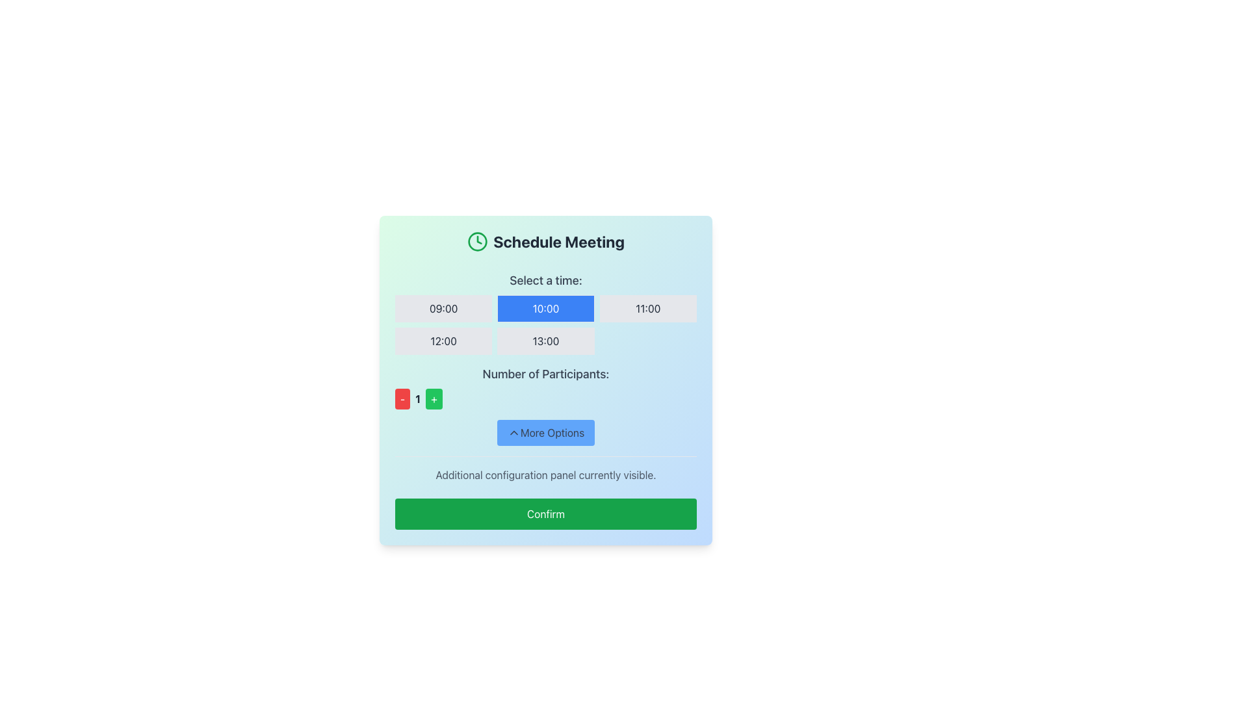 The image size is (1248, 702). Describe the element at coordinates (478, 240) in the screenshot. I see `the inner part of the clock icon represented by the vector graphic, which symbolizes the hands of the clock indicating time` at that location.